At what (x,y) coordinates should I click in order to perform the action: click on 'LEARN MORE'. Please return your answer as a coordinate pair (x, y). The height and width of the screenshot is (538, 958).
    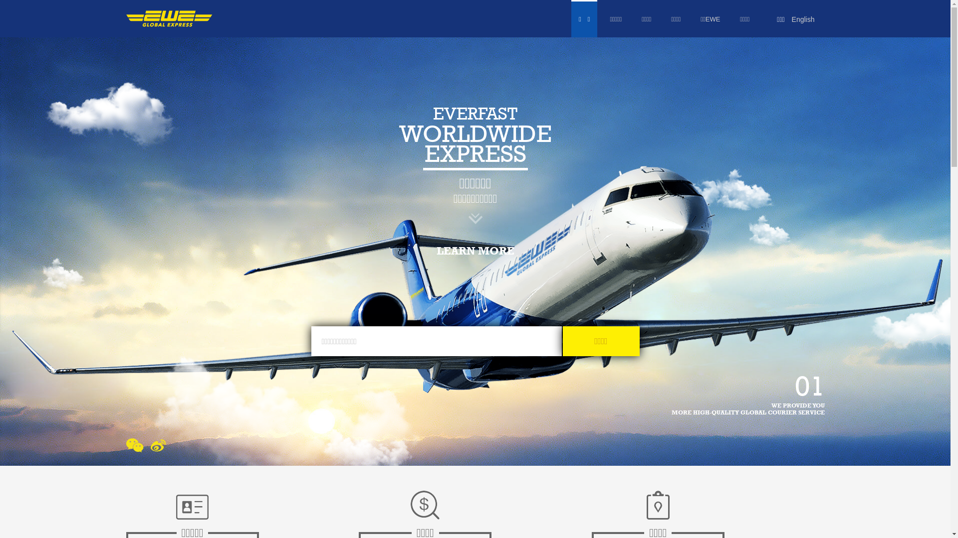
    Looking at the image, I should click on (474, 250).